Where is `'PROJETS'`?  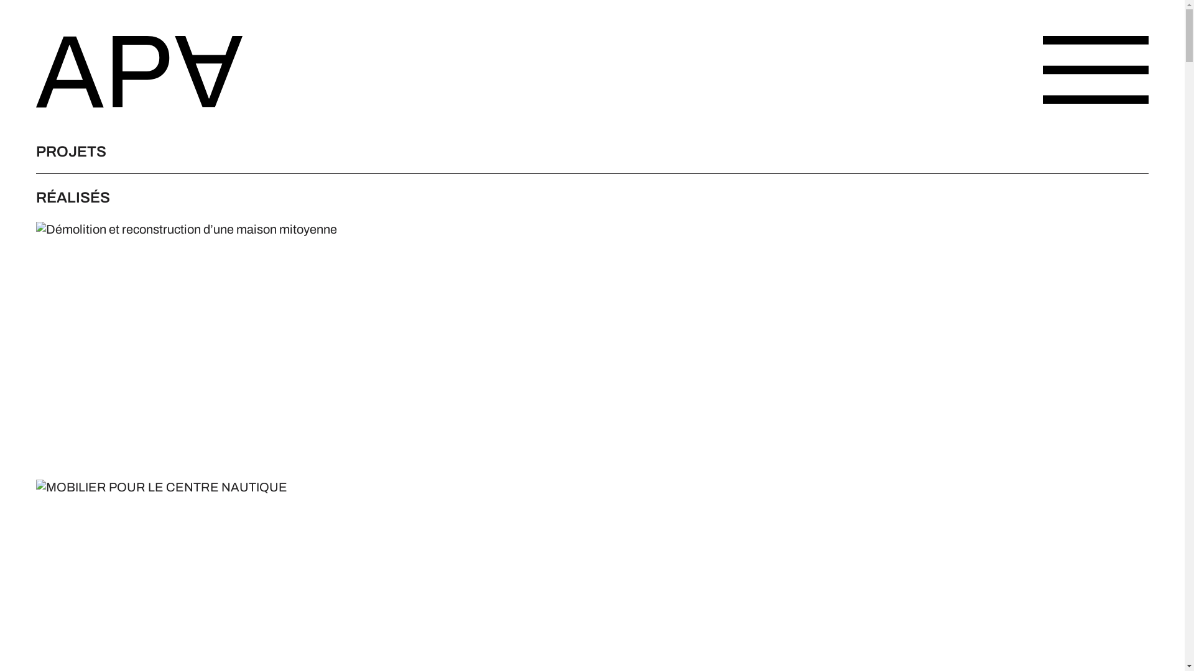
'PROJETS' is located at coordinates (35, 150).